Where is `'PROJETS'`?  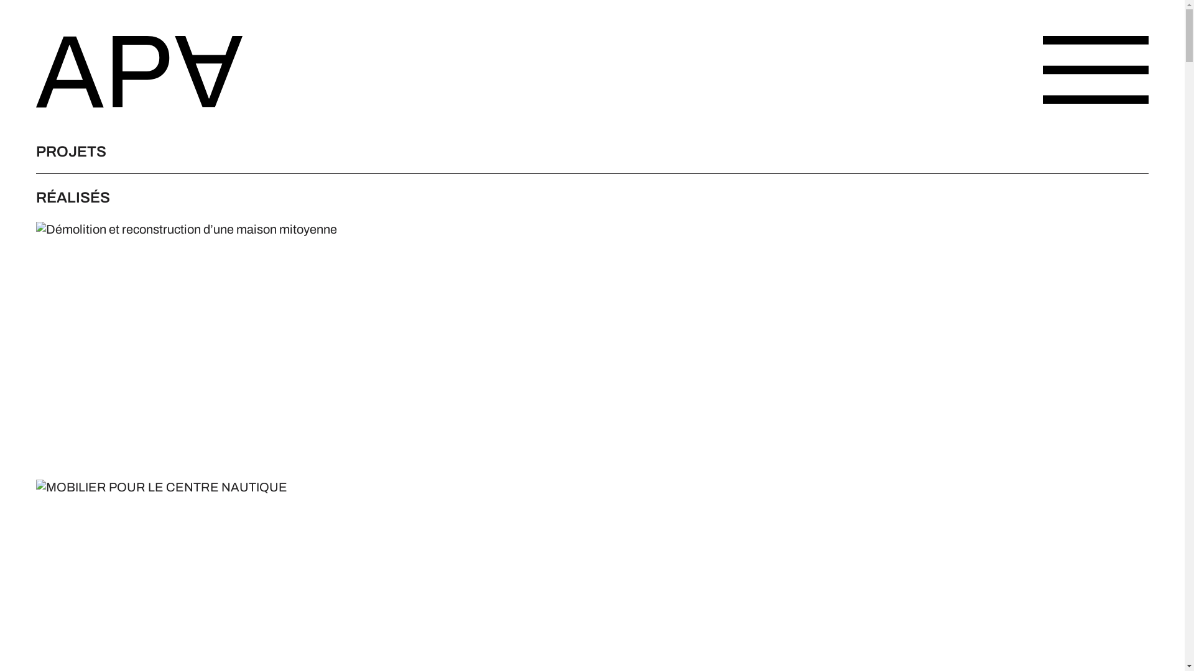
'PROJETS' is located at coordinates (35, 150).